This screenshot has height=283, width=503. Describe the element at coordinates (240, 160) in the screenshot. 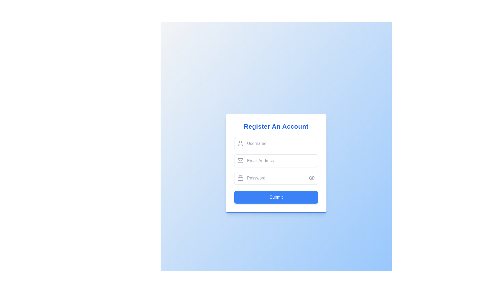

I see `the SVG graphic component that resembles an envelope, which is part of the mail icon displayed next to the 'Email Address' input field in the 'Register An Account' form` at that location.